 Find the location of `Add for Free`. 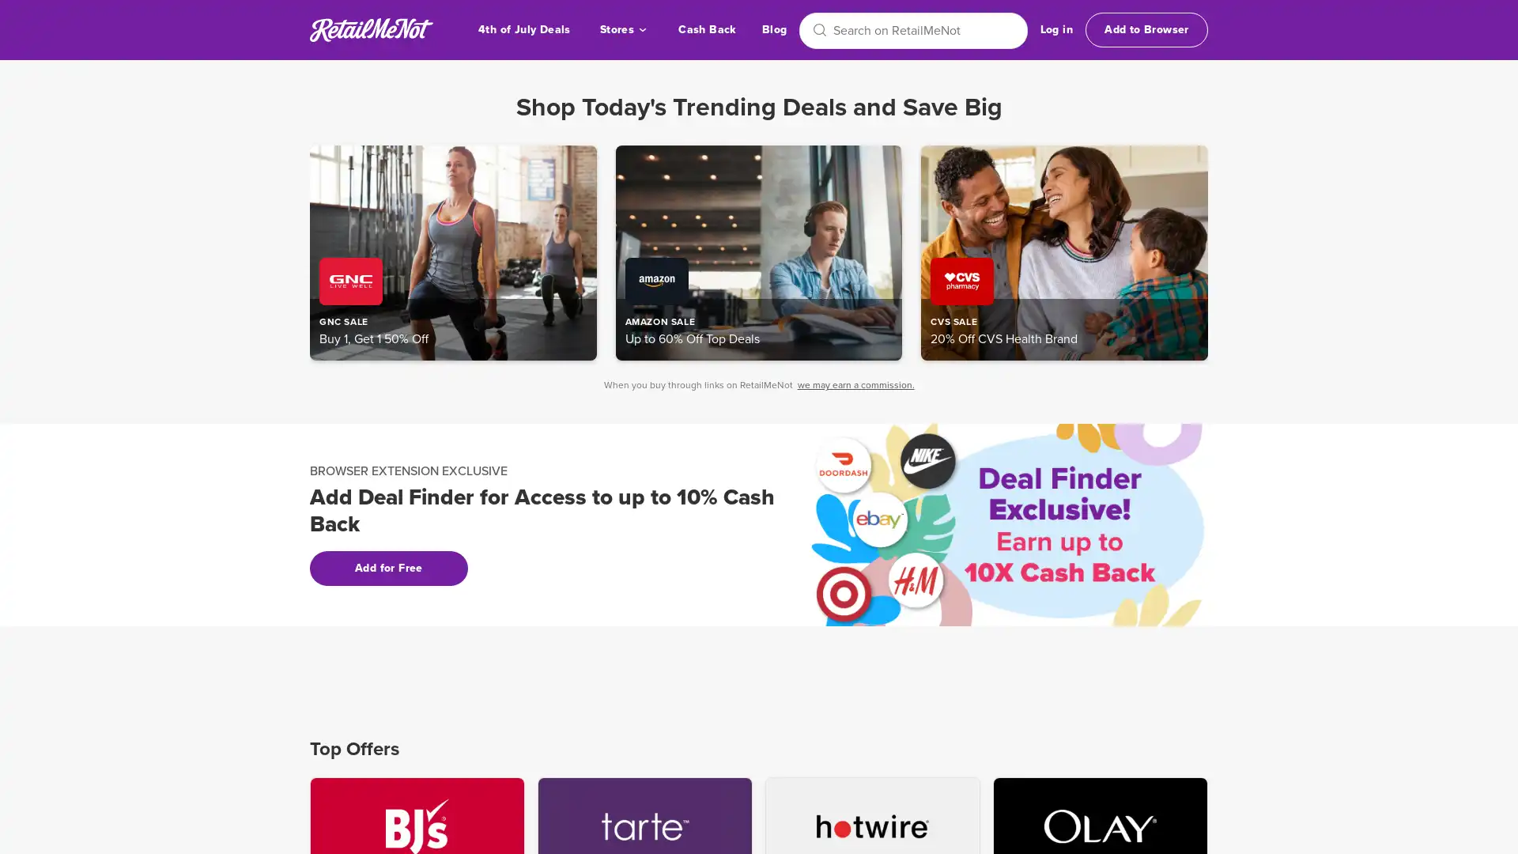

Add for Free is located at coordinates (388, 566).